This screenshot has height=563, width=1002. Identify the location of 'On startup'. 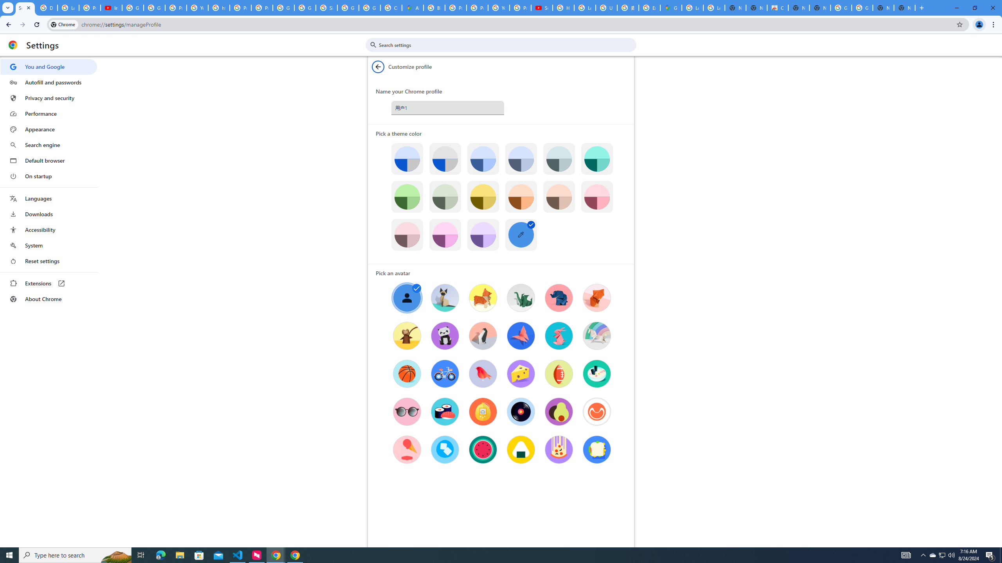
(48, 176).